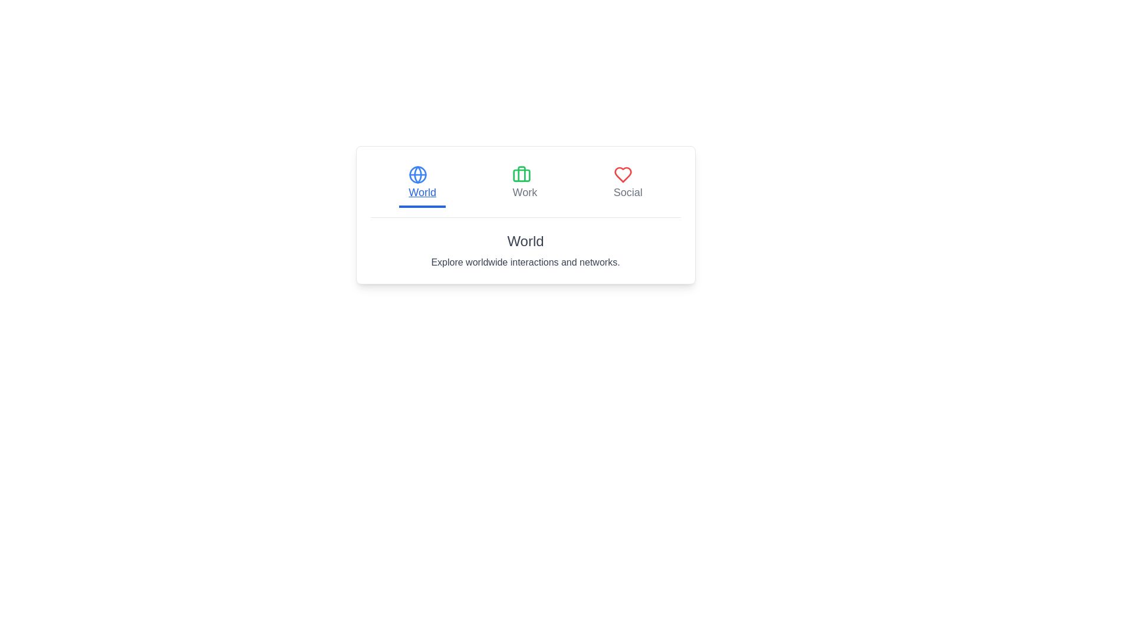 This screenshot has width=1132, height=636. Describe the element at coordinates (422, 184) in the screenshot. I see `the tab labeled World by clicking its corresponding button` at that location.